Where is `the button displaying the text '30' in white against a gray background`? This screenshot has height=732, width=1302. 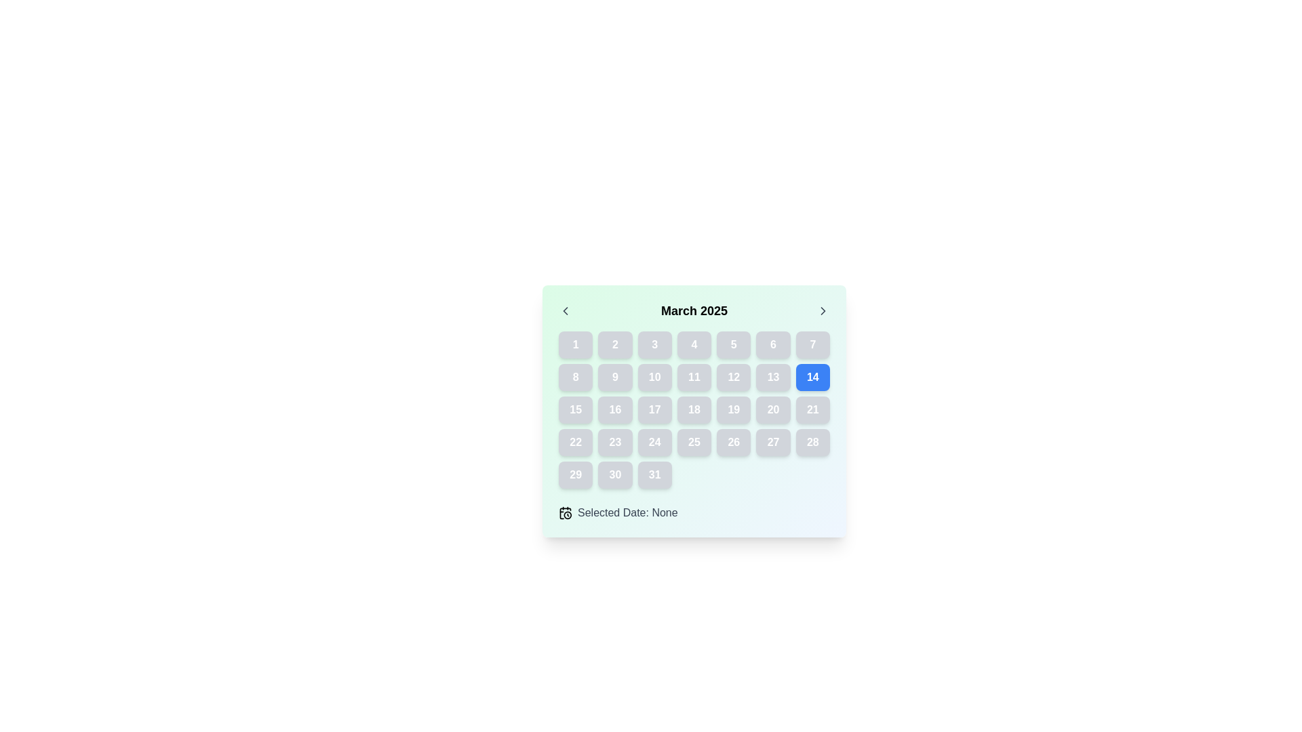 the button displaying the text '30' in white against a gray background is located at coordinates (614, 474).